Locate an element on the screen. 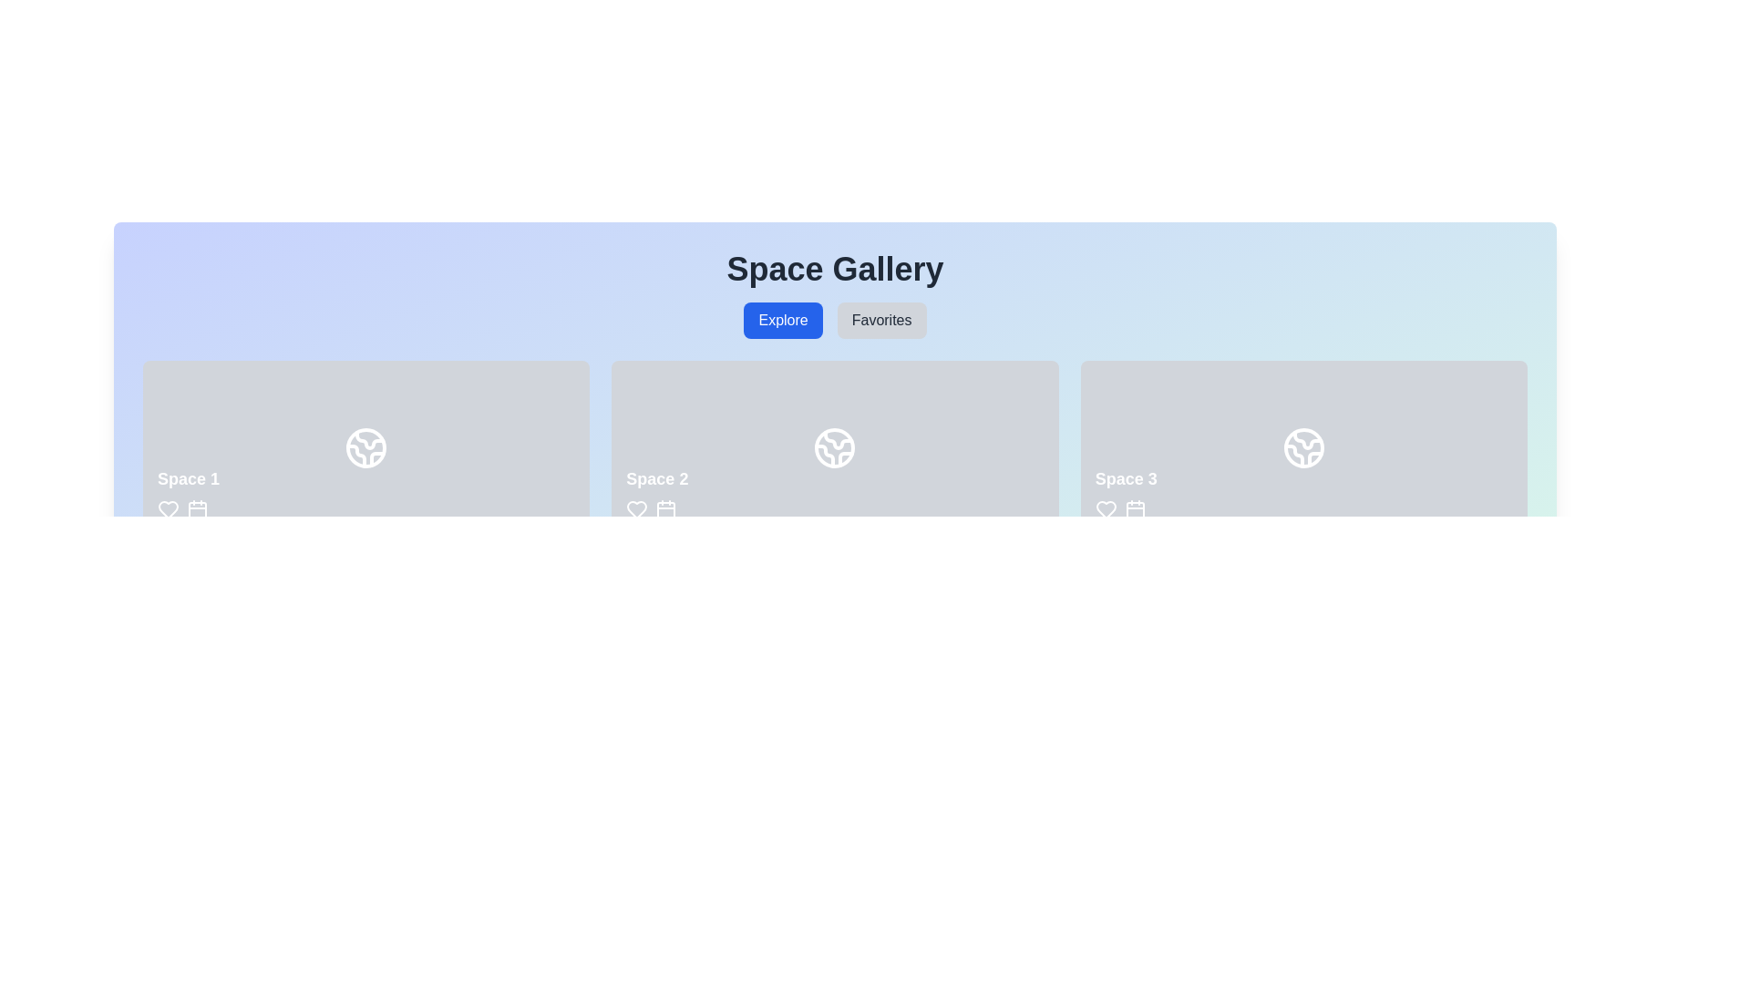  the circular globe icon located centrally within the first card section labeled 'Space 1' is located at coordinates (365, 448).